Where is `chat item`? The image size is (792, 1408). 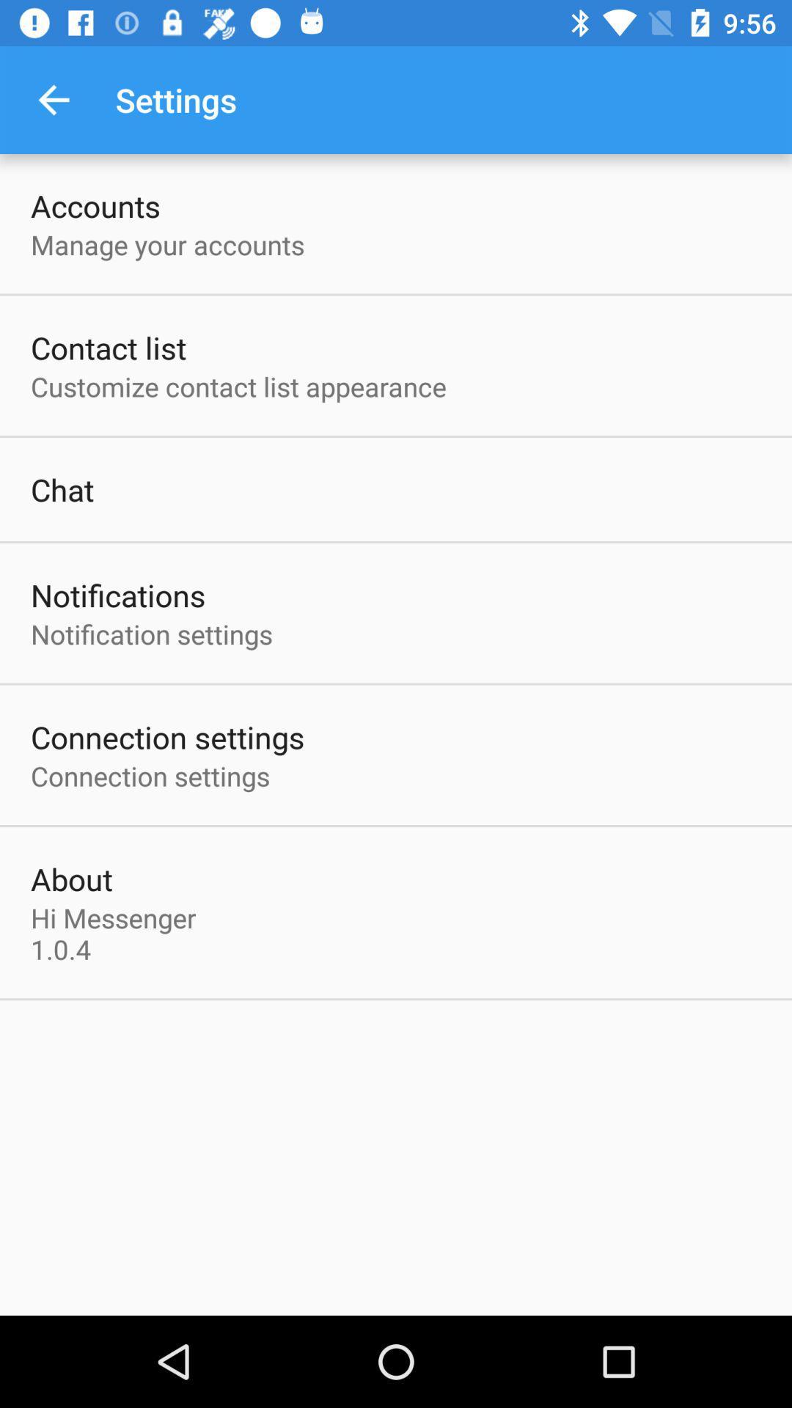 chat item is located at coordinates (62, 489).